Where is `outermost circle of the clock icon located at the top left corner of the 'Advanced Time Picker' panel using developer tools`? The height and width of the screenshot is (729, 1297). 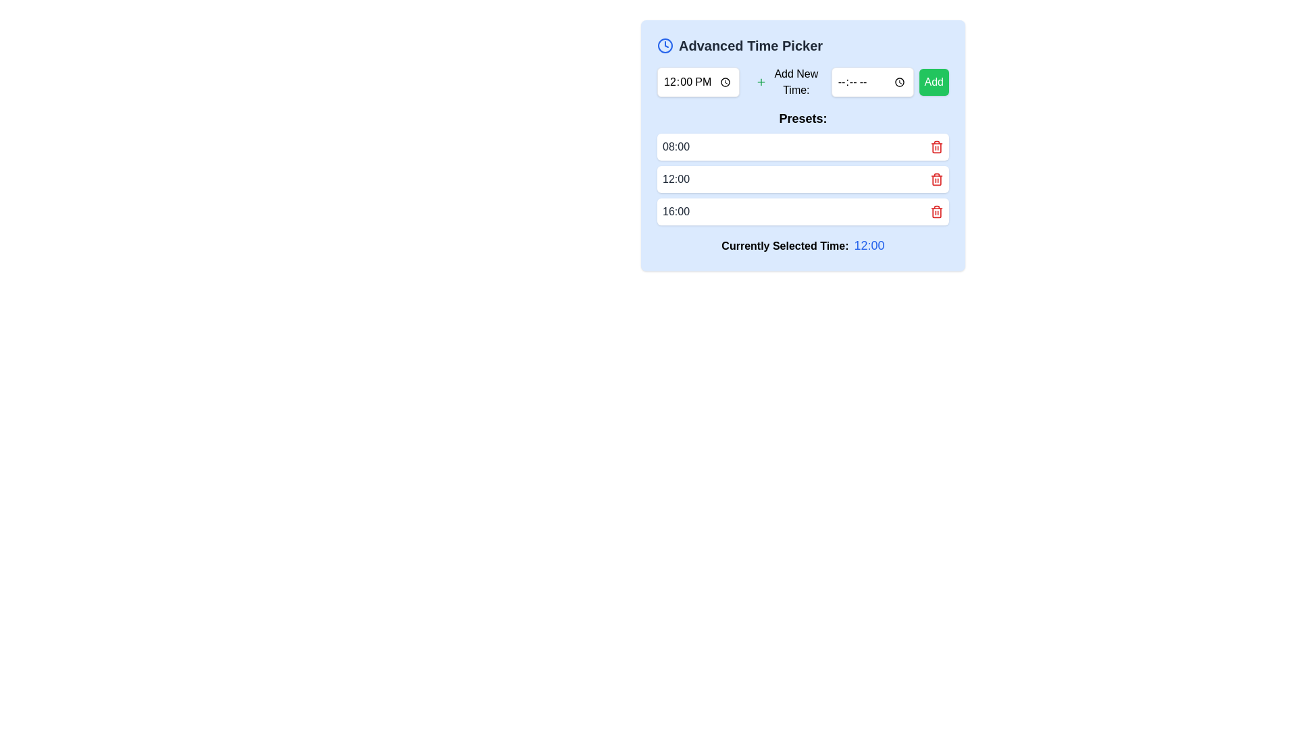 outermost circle of the clock icon located at the top left corner of the 'Advanced Time Picker' panel using developer tools is located at coordinates (665, 45).